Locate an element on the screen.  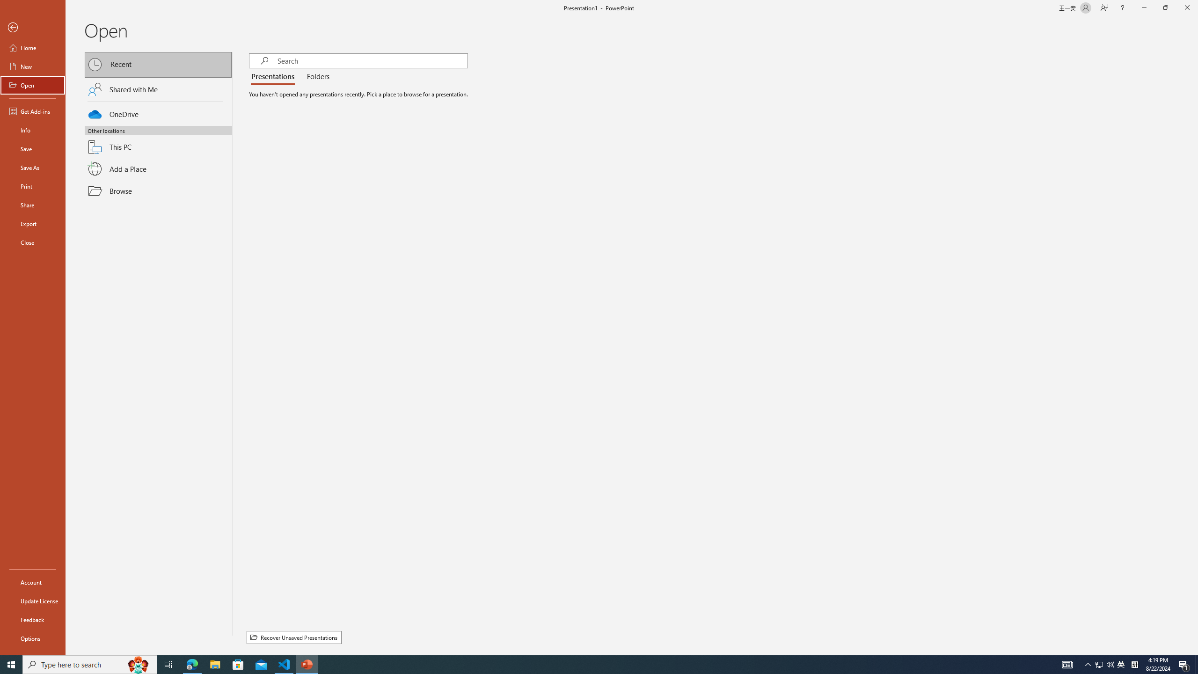
'Get Add-ins' is located at coordinates (32, 111).